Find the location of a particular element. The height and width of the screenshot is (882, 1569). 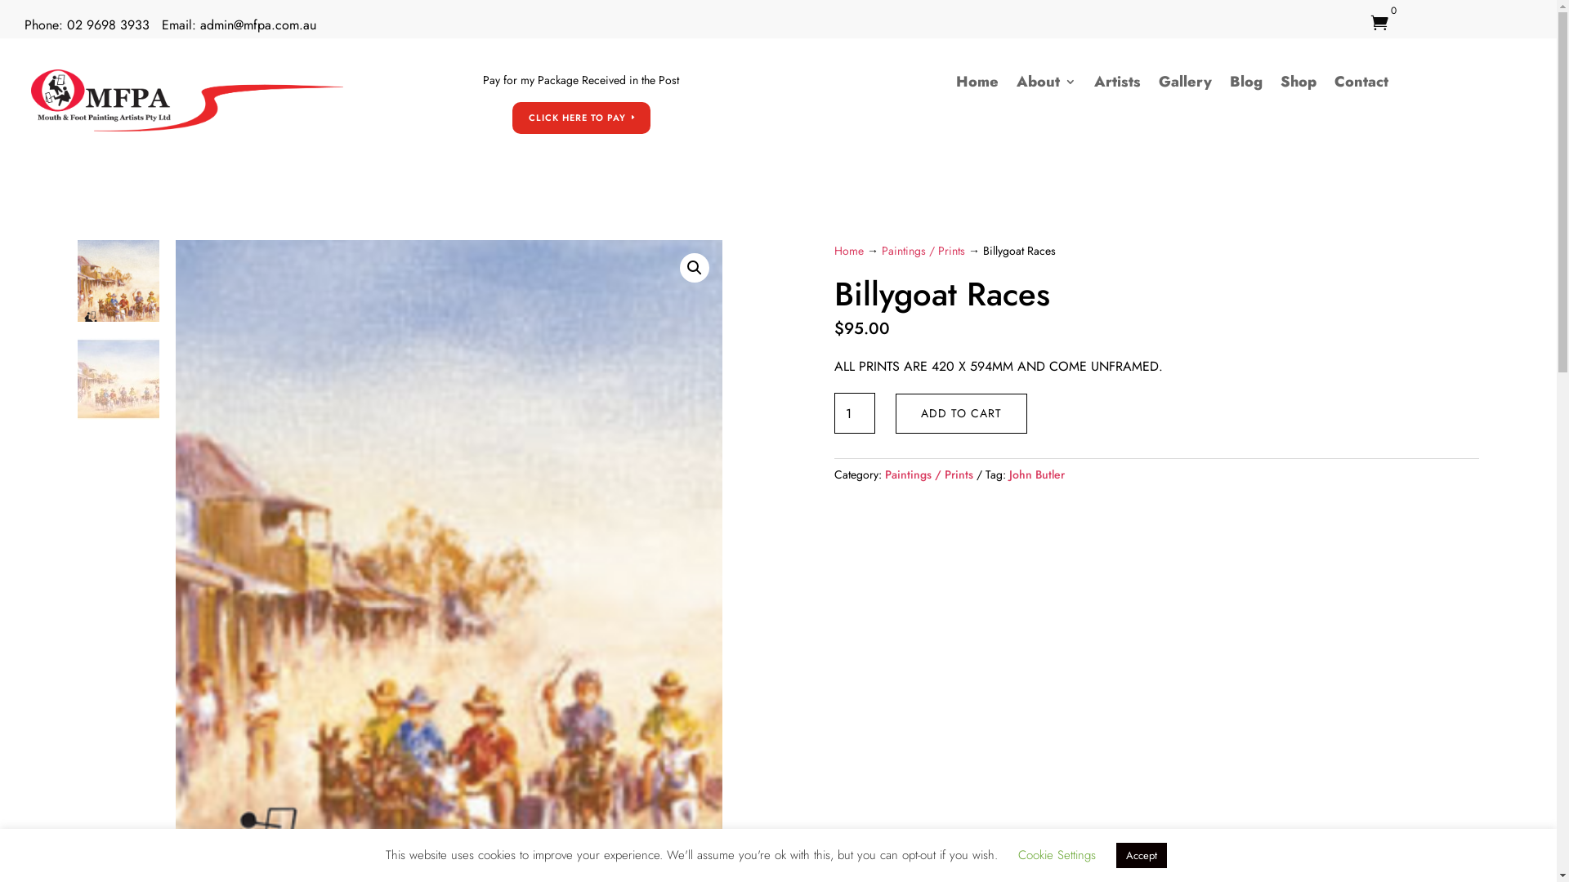

'Home' is located at coordinates (834, 251).